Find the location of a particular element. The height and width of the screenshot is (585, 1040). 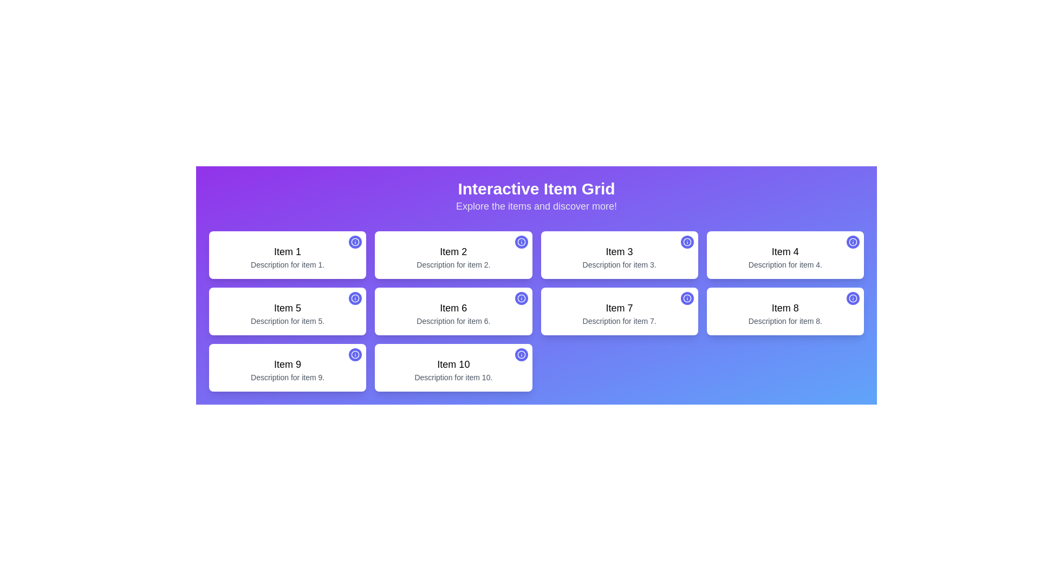

the circular button with a deep indigo background and white text located at the top-right corner of the card labeled 'Item 6' to trigger focus or display the tooltip is located at coordinates (521, 298).